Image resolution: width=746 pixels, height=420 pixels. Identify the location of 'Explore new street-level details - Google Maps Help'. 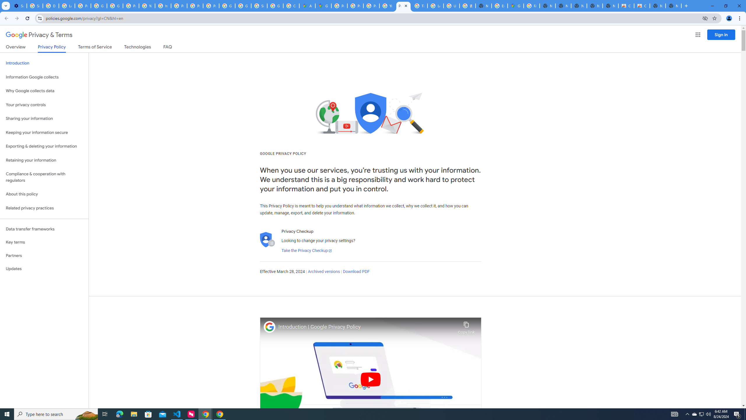
(499, 6).